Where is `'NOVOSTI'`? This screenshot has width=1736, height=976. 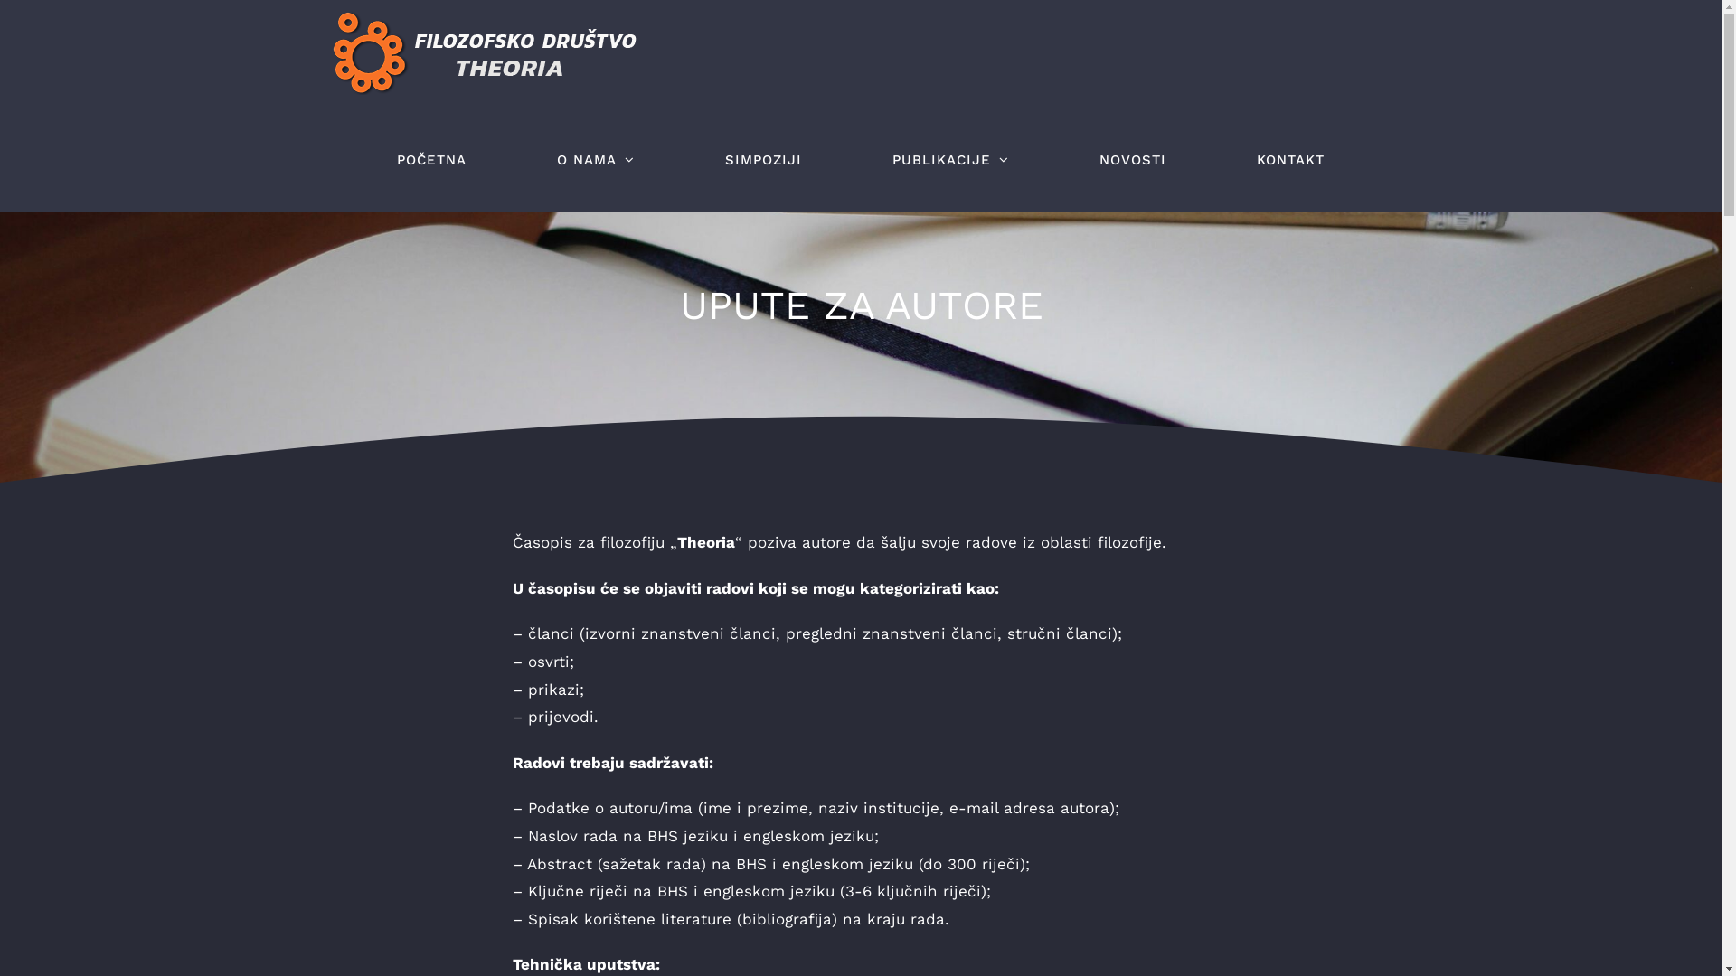 'NOVOSTI' is located at coordinates (1131, 159).